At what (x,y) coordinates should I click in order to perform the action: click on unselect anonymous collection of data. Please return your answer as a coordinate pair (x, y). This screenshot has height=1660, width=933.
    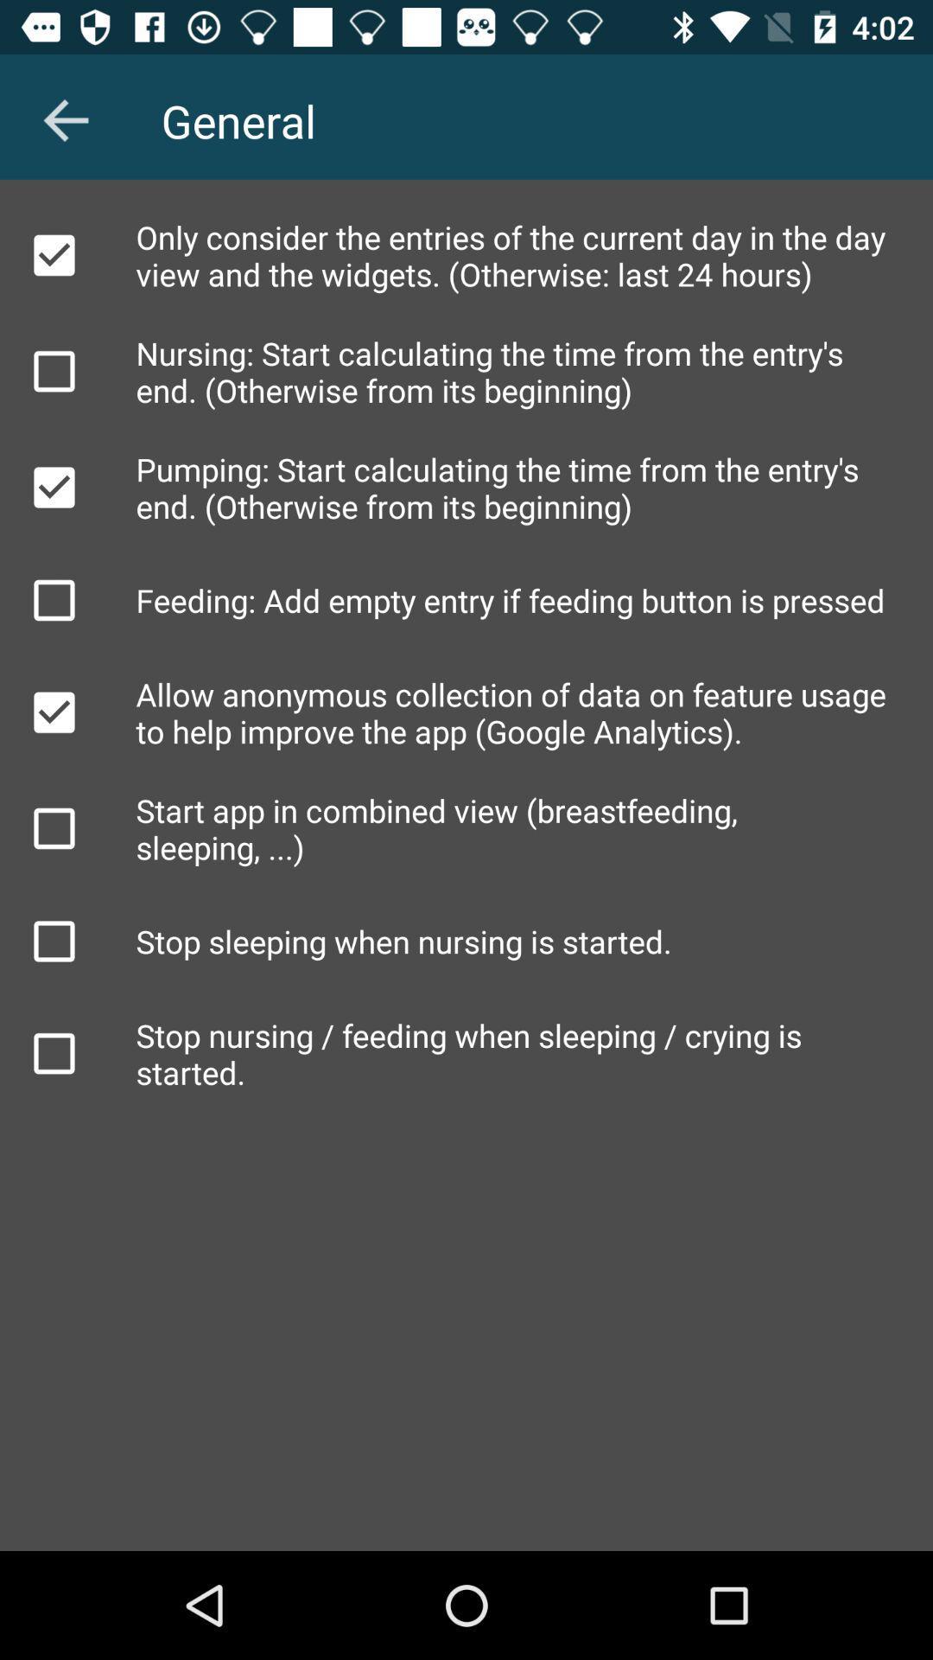
    Looking at the image, I should click on (53, 712).